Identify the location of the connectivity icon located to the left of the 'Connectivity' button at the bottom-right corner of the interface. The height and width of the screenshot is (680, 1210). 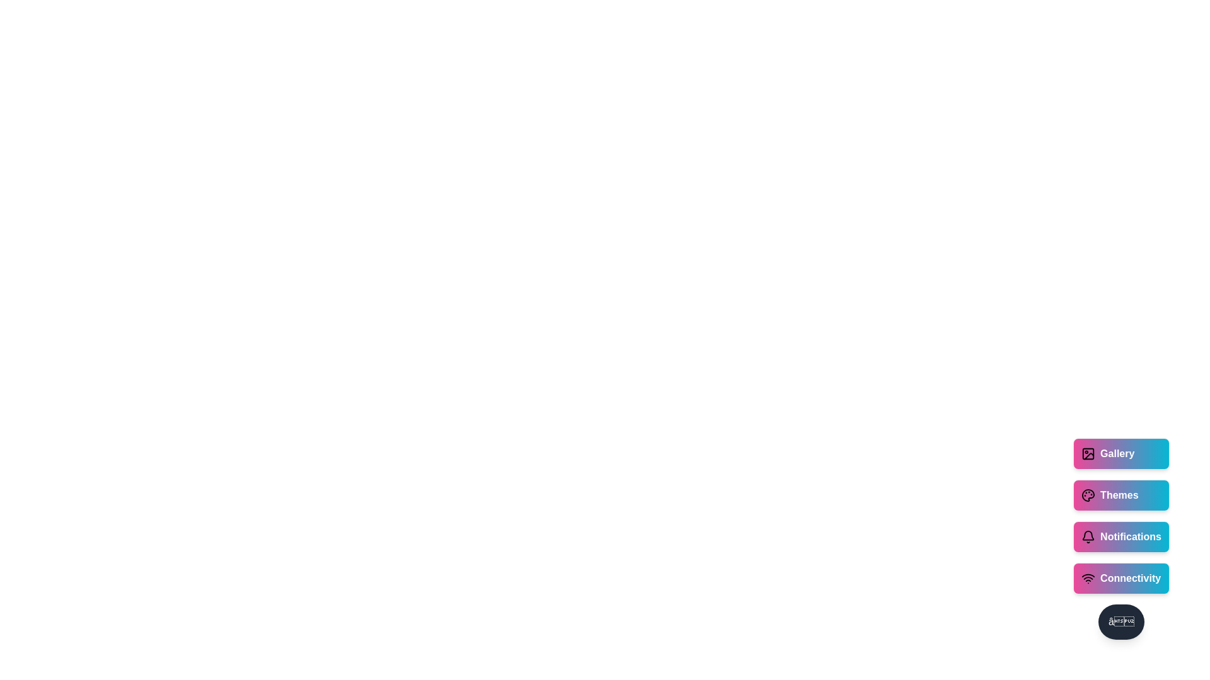
(1088, 578).